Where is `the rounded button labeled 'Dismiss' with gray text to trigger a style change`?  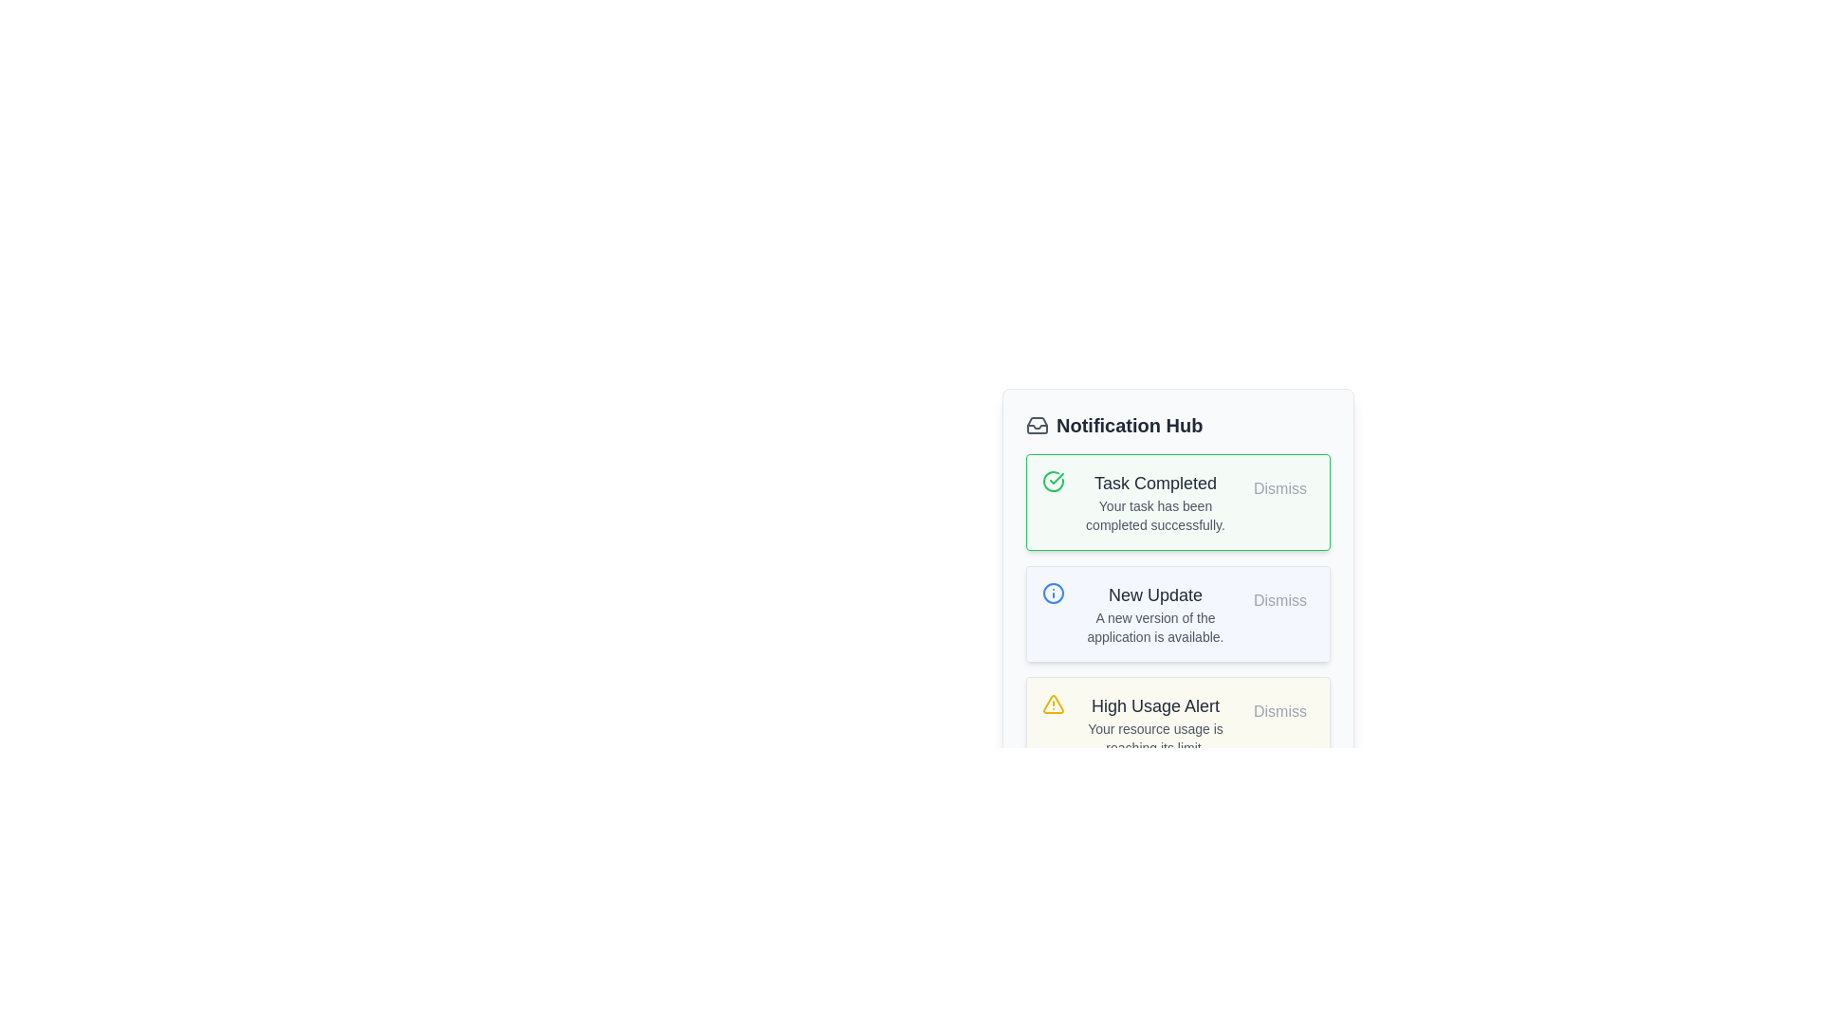 the rounded button labeled 'Dismiss' with gray text to trigger a style change is located at coordinates (1279, 488).